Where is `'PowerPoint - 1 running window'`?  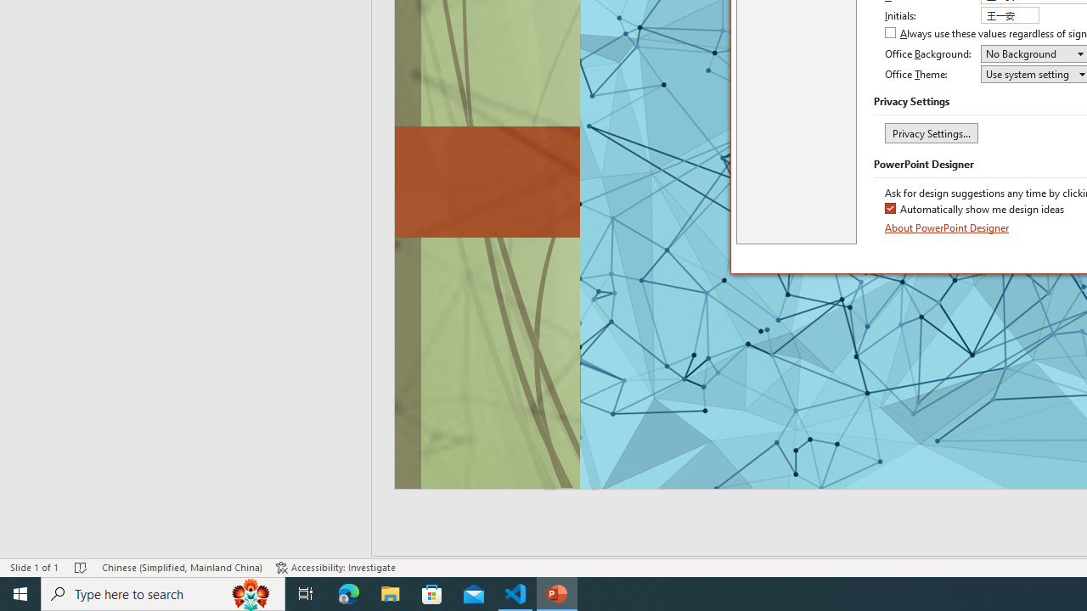 'PowerPoint - 1 running window' is located at coordinates (557, 592).